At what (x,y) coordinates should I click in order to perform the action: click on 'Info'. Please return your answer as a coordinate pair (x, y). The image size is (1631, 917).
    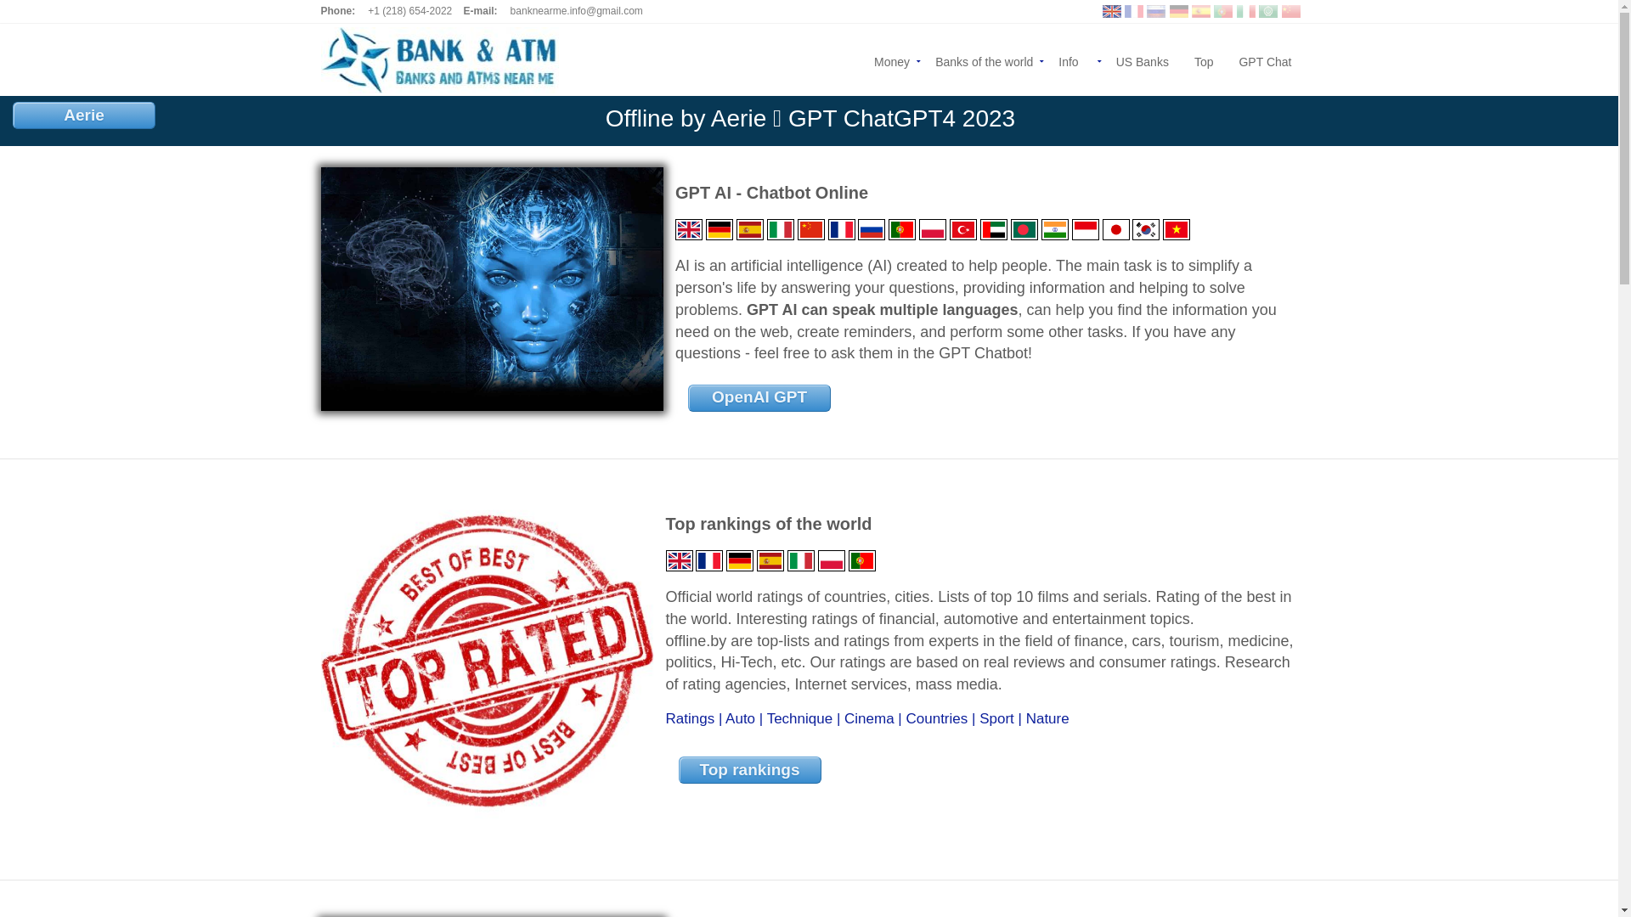
    Looking at the image, I should click on (1073, 59).